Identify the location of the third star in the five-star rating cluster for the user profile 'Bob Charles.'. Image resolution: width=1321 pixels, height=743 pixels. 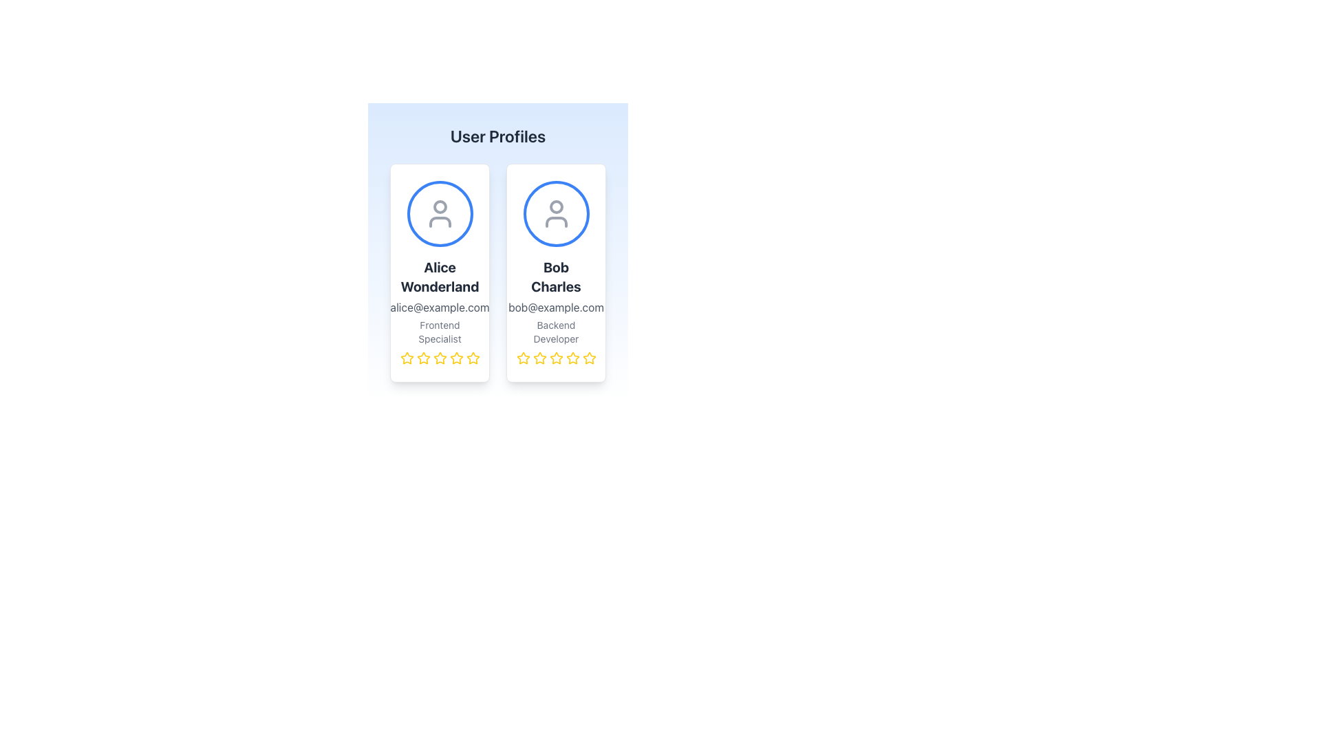
(556, 357).